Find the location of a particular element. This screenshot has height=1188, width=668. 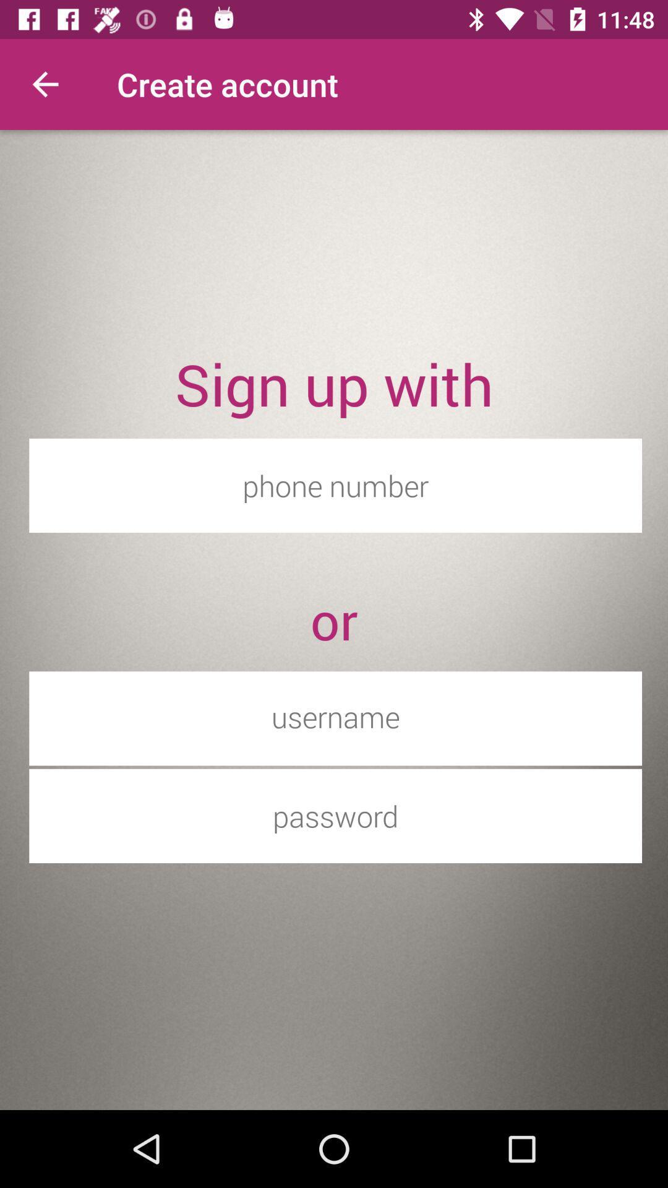

write user name is located at coordinates (335, 717).